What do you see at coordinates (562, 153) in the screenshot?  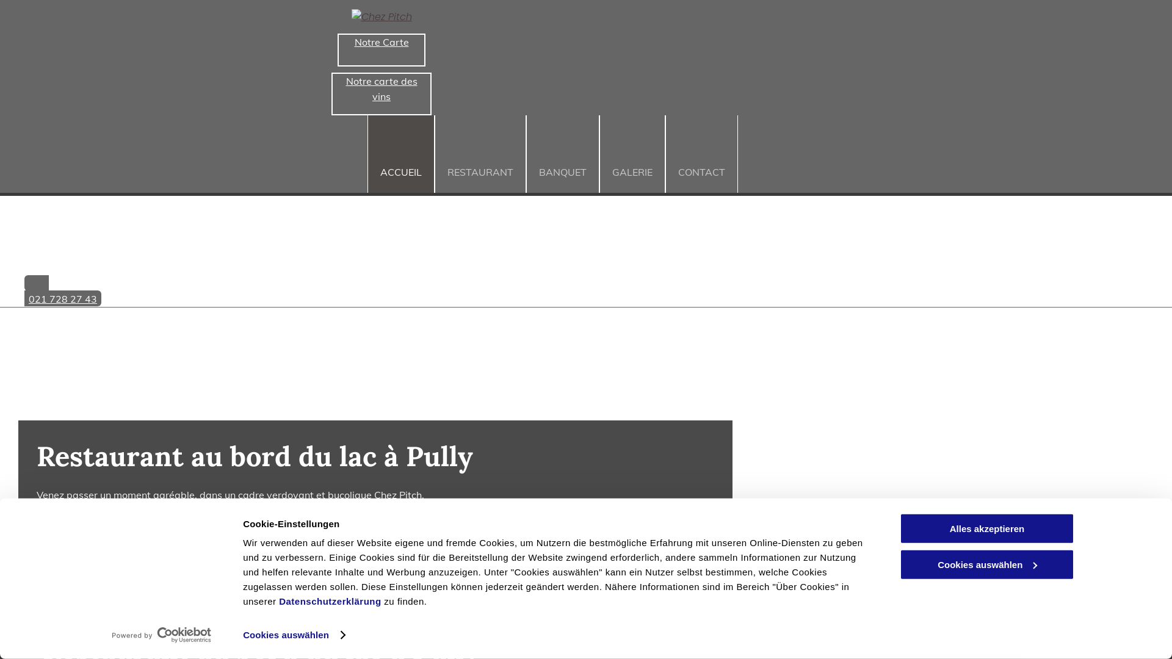 I see `'BANQUET'` at bounding box center [562, 153].